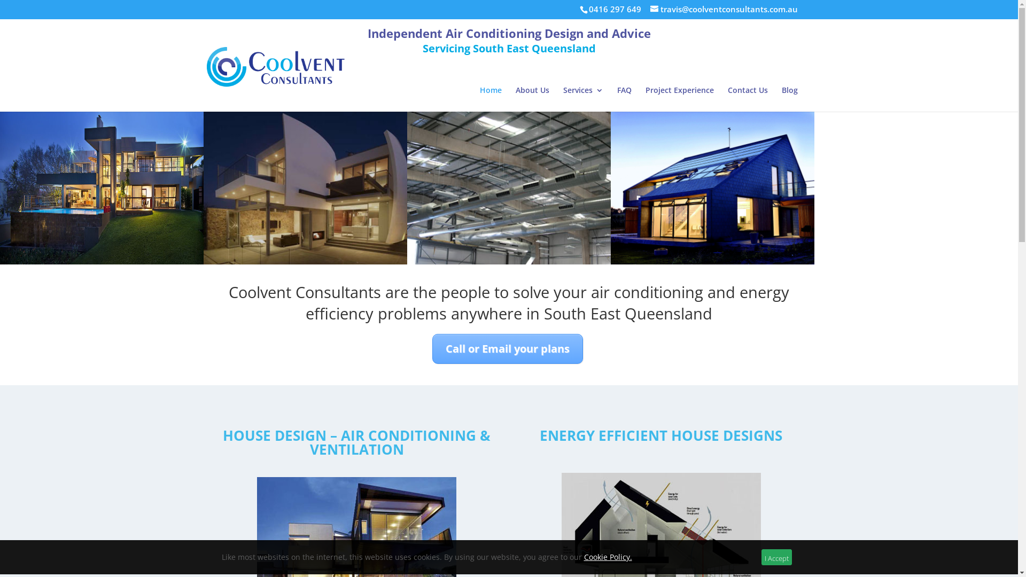 The image size is (1026, 577). I want to click on 'Services', so click(563, 99).